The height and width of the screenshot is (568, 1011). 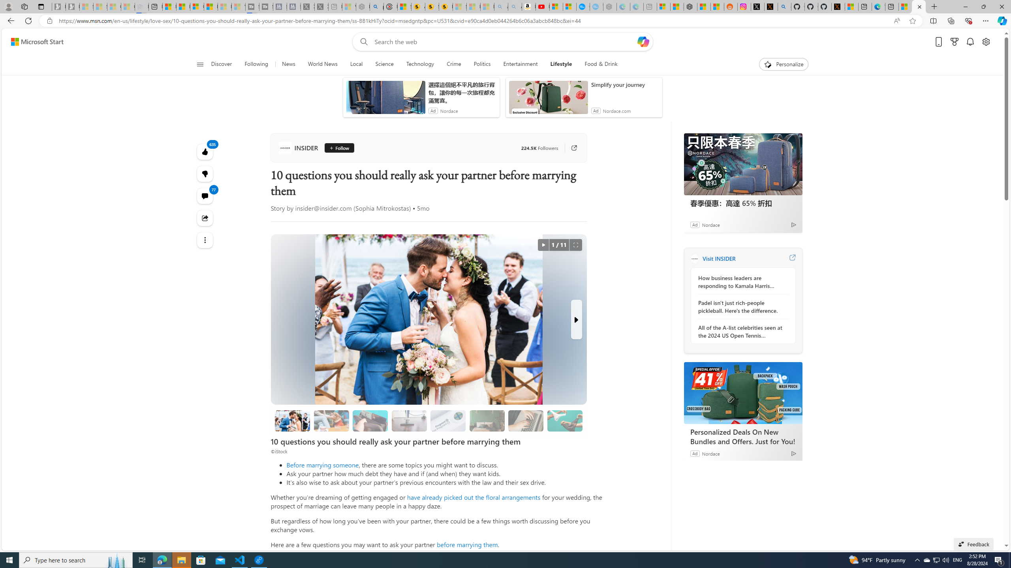 What do you see at coordinates (560, 64) in the screenshot?
I see `'Lifestyle'` at bounding box center [560, 64].